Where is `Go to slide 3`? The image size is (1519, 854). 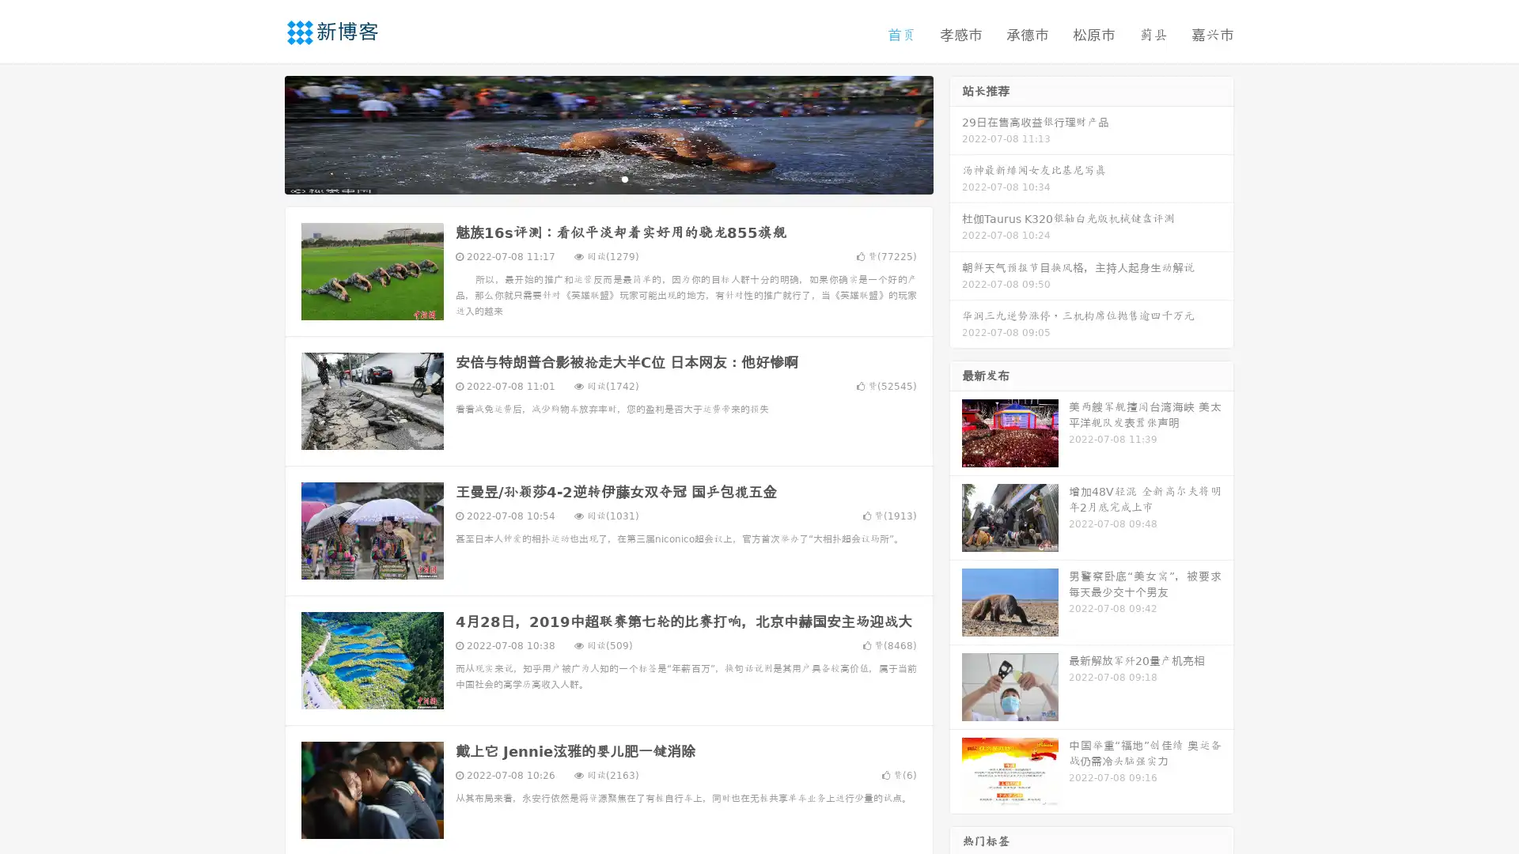 Go to slide 3 is located at coordinates (624, 178).